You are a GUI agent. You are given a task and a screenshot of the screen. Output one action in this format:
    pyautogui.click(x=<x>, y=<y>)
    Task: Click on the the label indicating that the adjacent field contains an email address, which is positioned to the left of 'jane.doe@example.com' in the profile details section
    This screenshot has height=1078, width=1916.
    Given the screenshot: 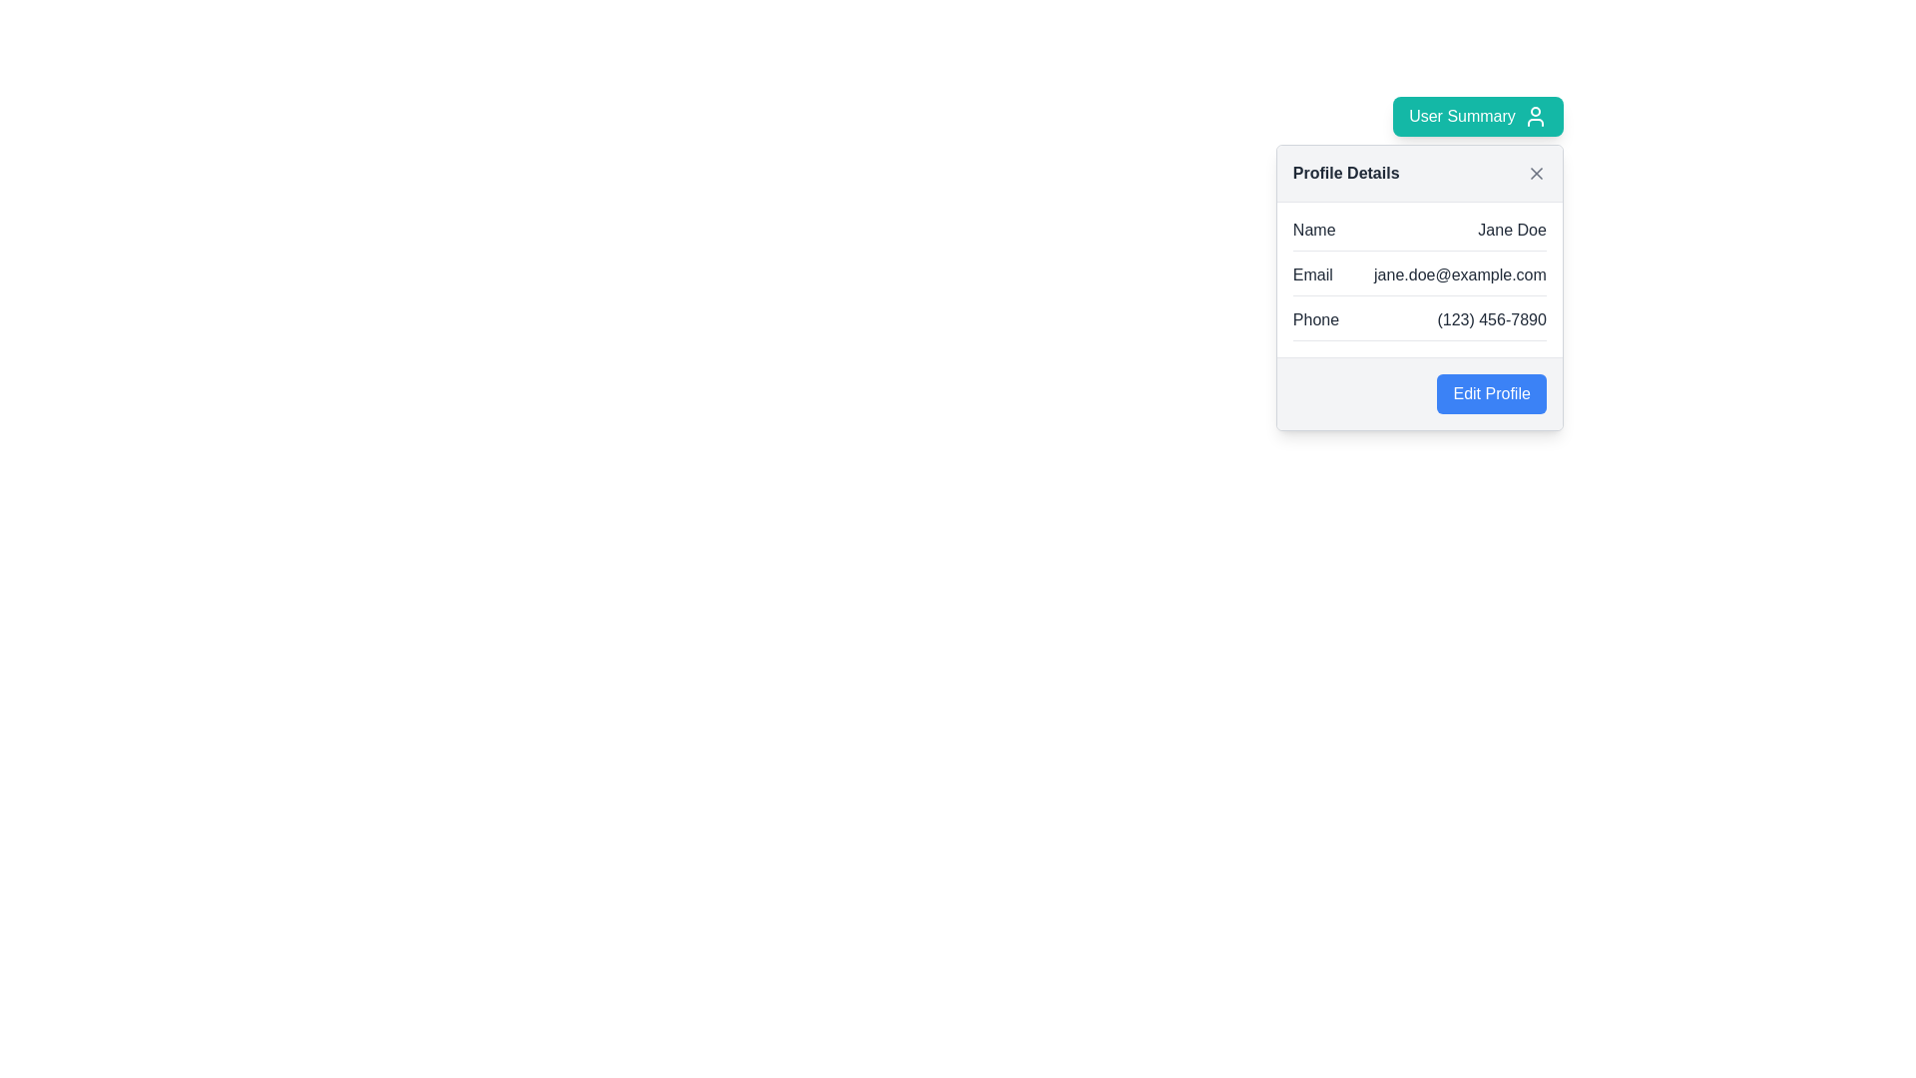 What is the action you would take?
    pyautogui.click(x=1312, y=275)
    